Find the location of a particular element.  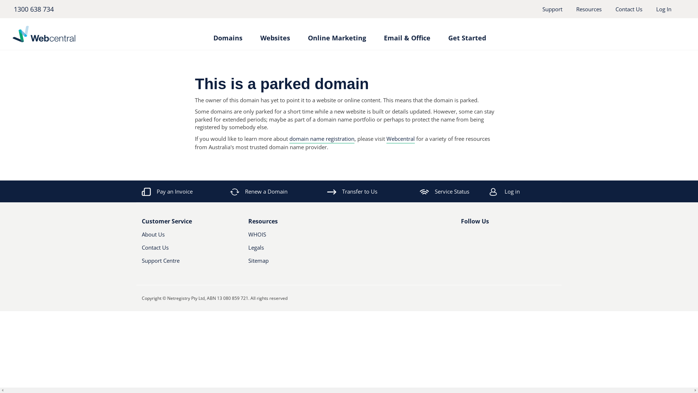

'Pay an Invoice' is located at coordinates (167, 191).